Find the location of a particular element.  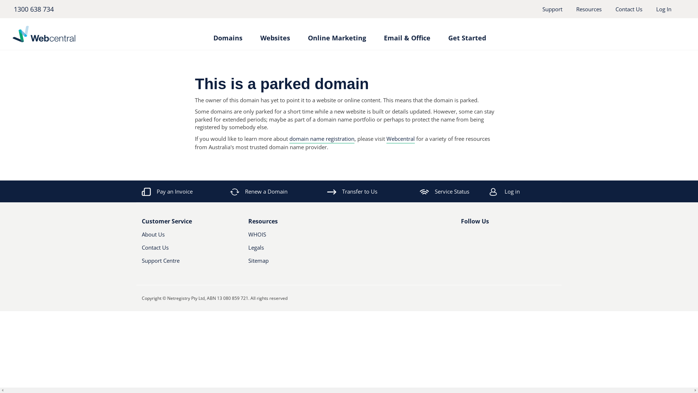

'Pay an Invoice' is located at coordinates (167, 191).